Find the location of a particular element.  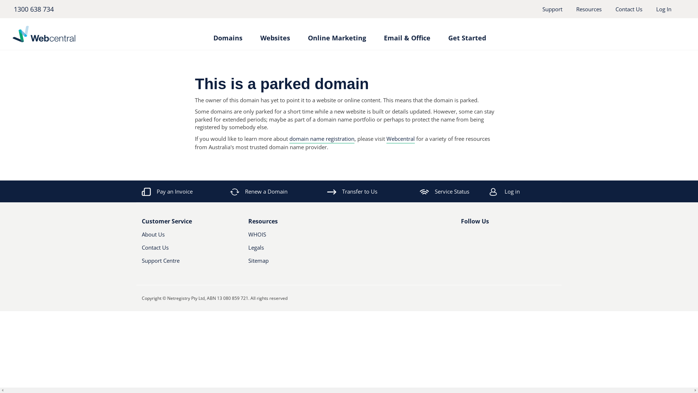

'Pay an Invoice' is located at coordinates (167, 191).